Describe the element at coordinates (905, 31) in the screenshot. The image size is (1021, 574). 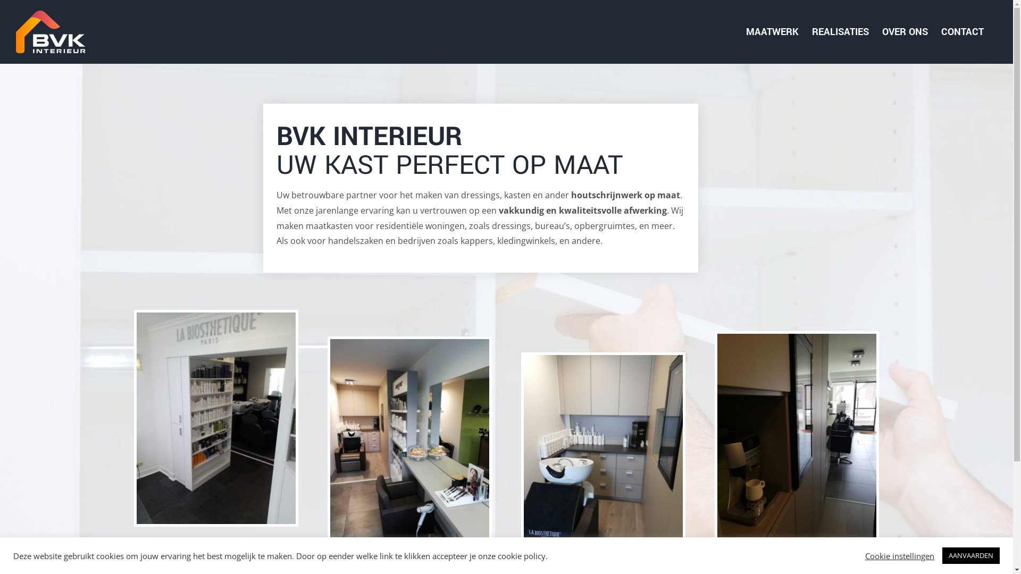
I see `'OVER ONS'` at that location.